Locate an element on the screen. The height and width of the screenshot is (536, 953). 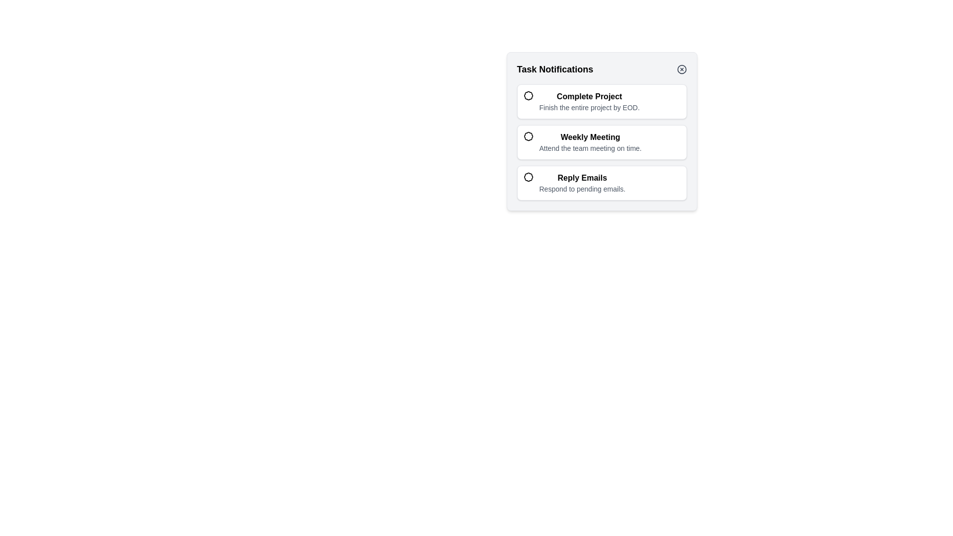
the first task notification item at the top of the list of task notifications is located at coordinates (601, 101).